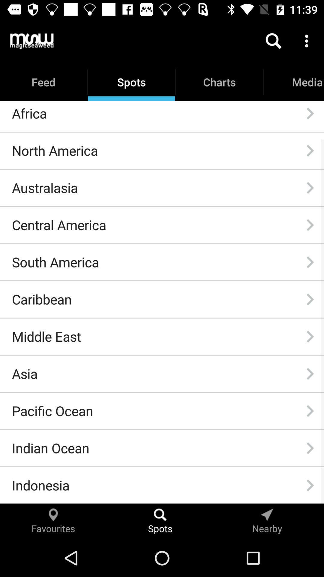  I want to click on icon to the right of australasia item, so click(310, 188).